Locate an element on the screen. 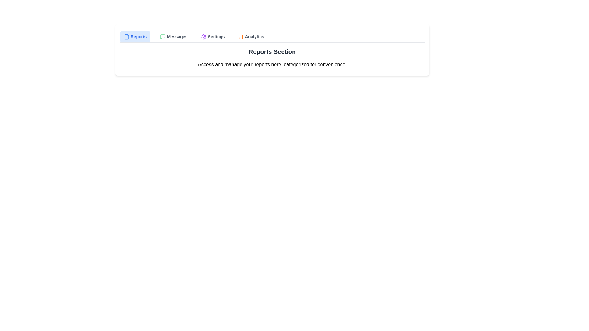  the chat bubble icon with a green outline located in the navigation bar is located at coordinates (163, 36).